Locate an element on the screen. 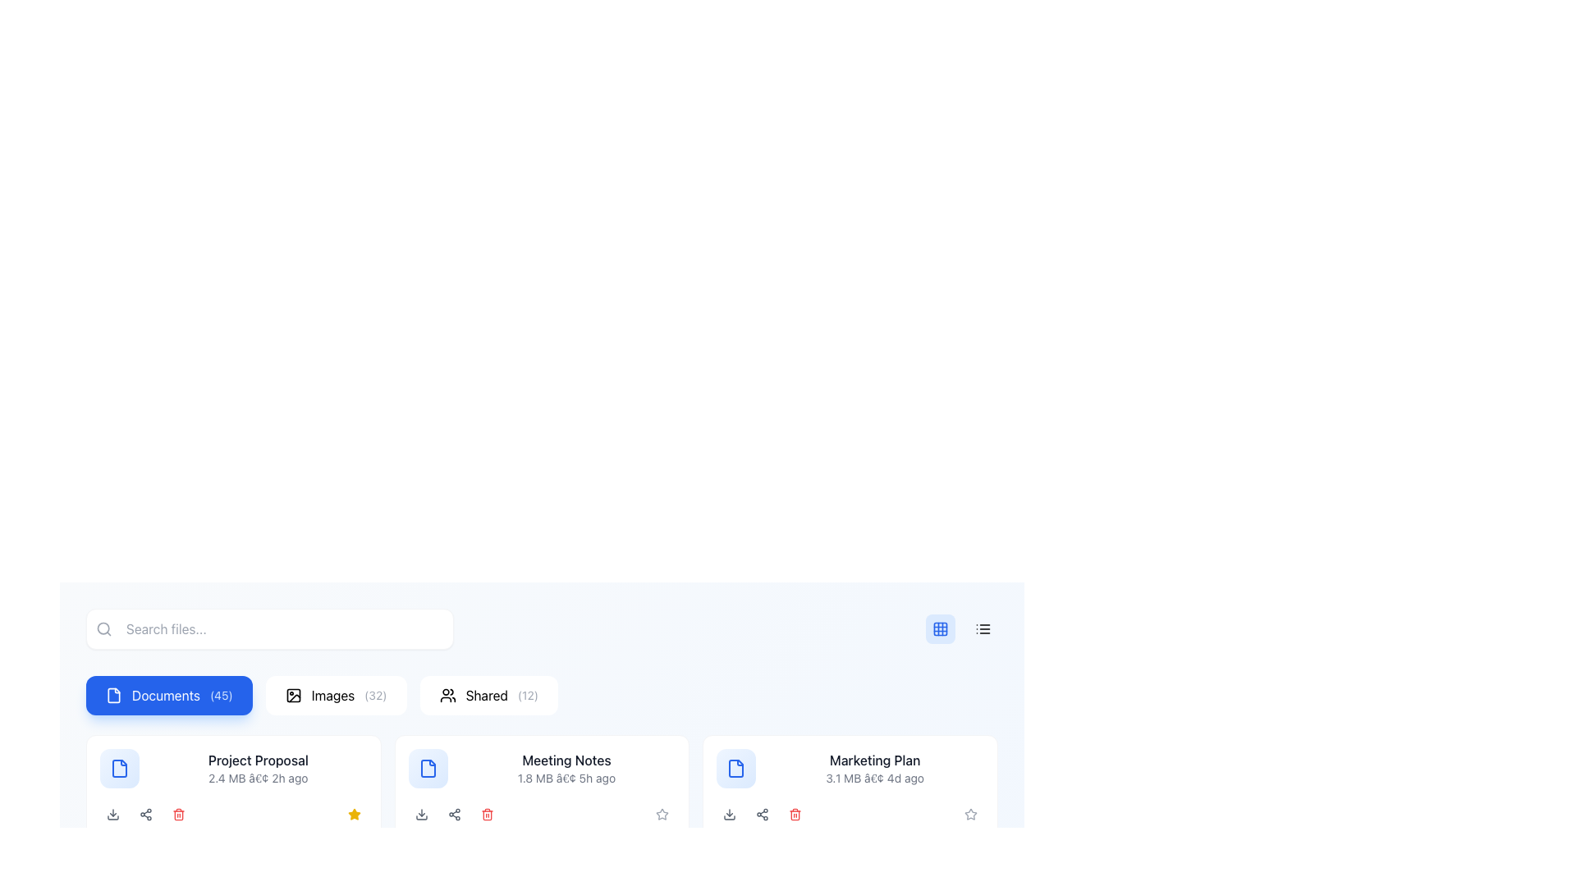 The height and width of the screenshot is (886, 1576). the red trash bin icon is located at coordinates (486, 814).